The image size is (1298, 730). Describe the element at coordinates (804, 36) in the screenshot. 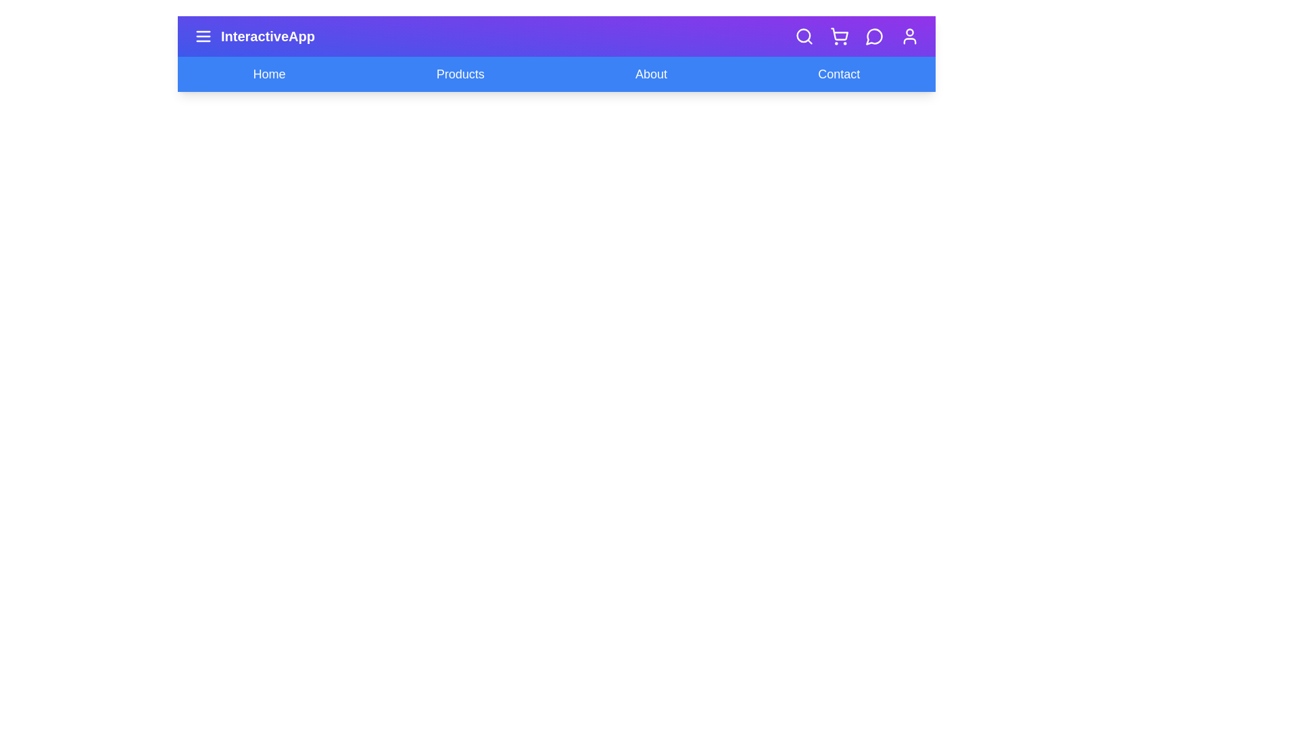

I see `the specified icon button: search` at that location.